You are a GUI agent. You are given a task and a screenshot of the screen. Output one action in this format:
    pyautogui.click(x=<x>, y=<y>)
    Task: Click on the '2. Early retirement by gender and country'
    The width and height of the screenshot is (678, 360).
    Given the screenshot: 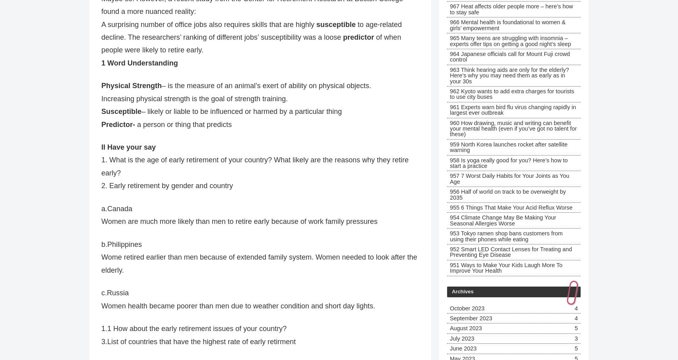 What is the action you would take?
    pyautogui.click(x=167, y=186)
    